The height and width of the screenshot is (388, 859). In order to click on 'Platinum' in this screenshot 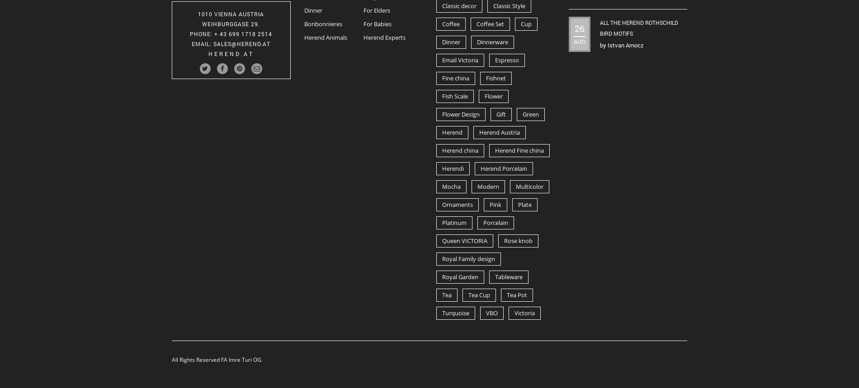, I will do `click(442, 222)`.